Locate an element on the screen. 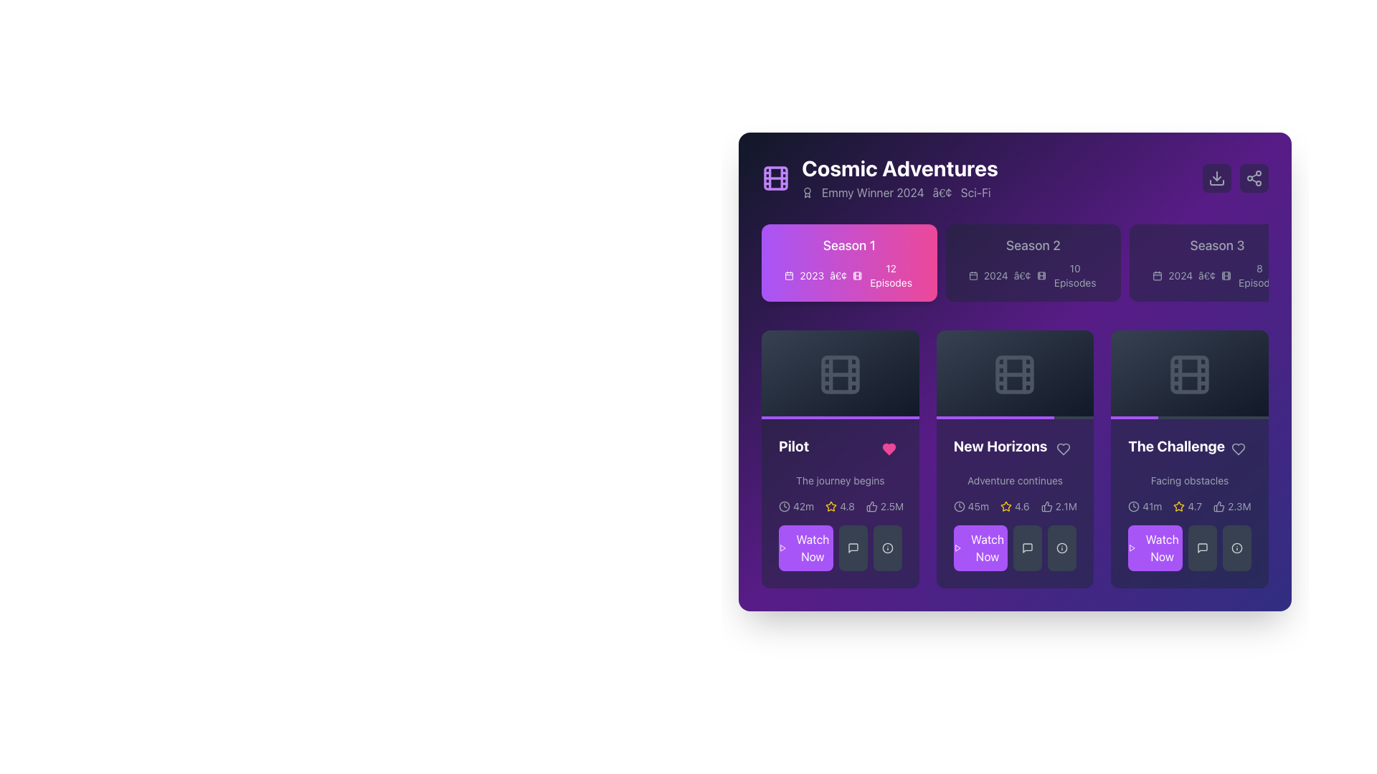 The width and height of the screenshot is (1377, 774). the square-shaped button with a light purple background and white text reading 'Watch Now' is located at coordinates (1014, 548).